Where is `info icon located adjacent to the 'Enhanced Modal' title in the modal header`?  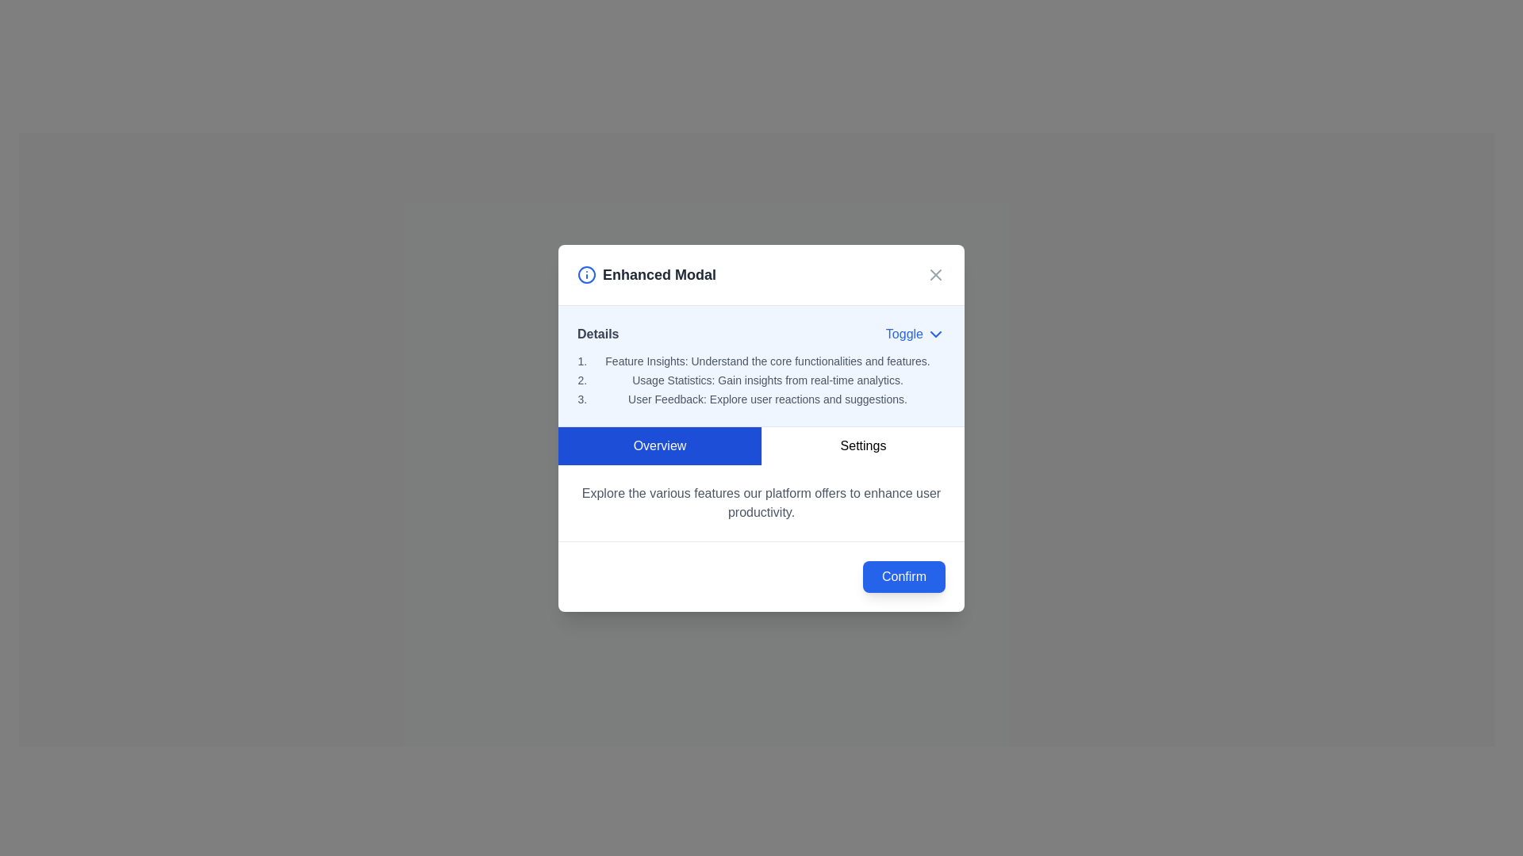 info icon located adjacent to the 'Enhanced Modal' title in the modal header is located at coordinates (761, 274).